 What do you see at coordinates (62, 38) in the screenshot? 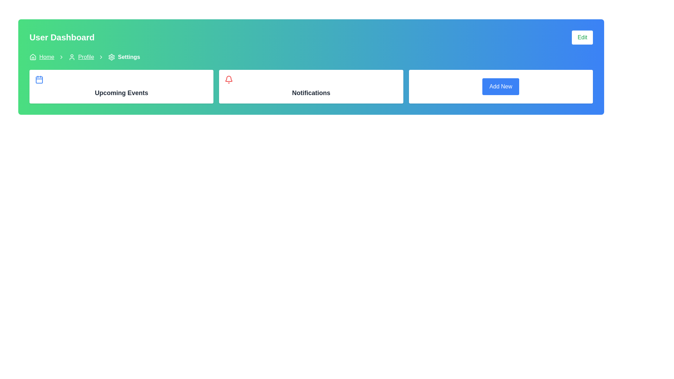
I see `the 'User Dashboard' text, which is styled in bold white font on a green-to-blue gradient background` at bounding box center [62, 38].